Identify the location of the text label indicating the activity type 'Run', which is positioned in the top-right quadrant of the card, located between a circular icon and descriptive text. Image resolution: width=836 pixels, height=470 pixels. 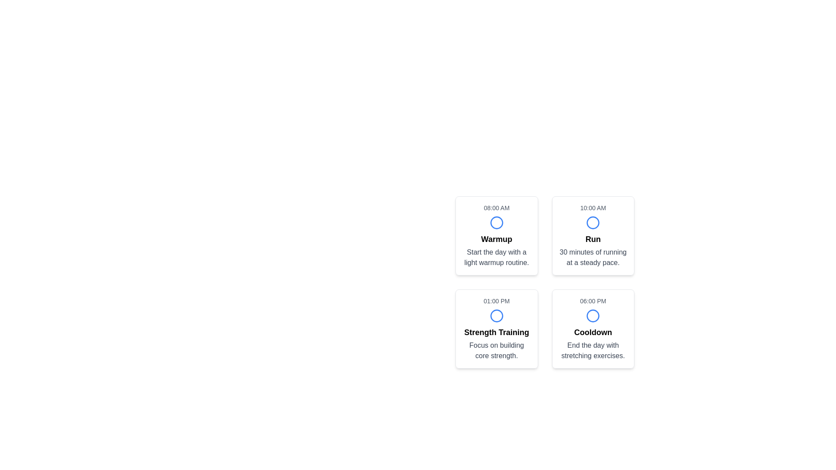
(593, 239).